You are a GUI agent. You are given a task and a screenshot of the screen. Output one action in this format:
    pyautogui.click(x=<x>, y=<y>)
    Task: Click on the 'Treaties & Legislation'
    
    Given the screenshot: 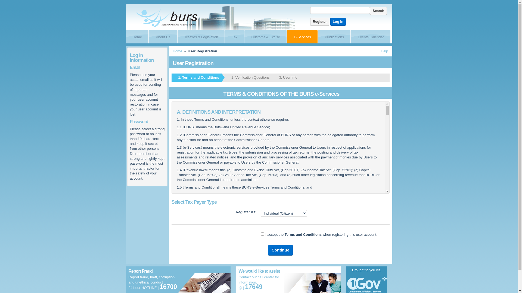 What is the action you would take?
    pyautogui.click(x=198, y=37)
    